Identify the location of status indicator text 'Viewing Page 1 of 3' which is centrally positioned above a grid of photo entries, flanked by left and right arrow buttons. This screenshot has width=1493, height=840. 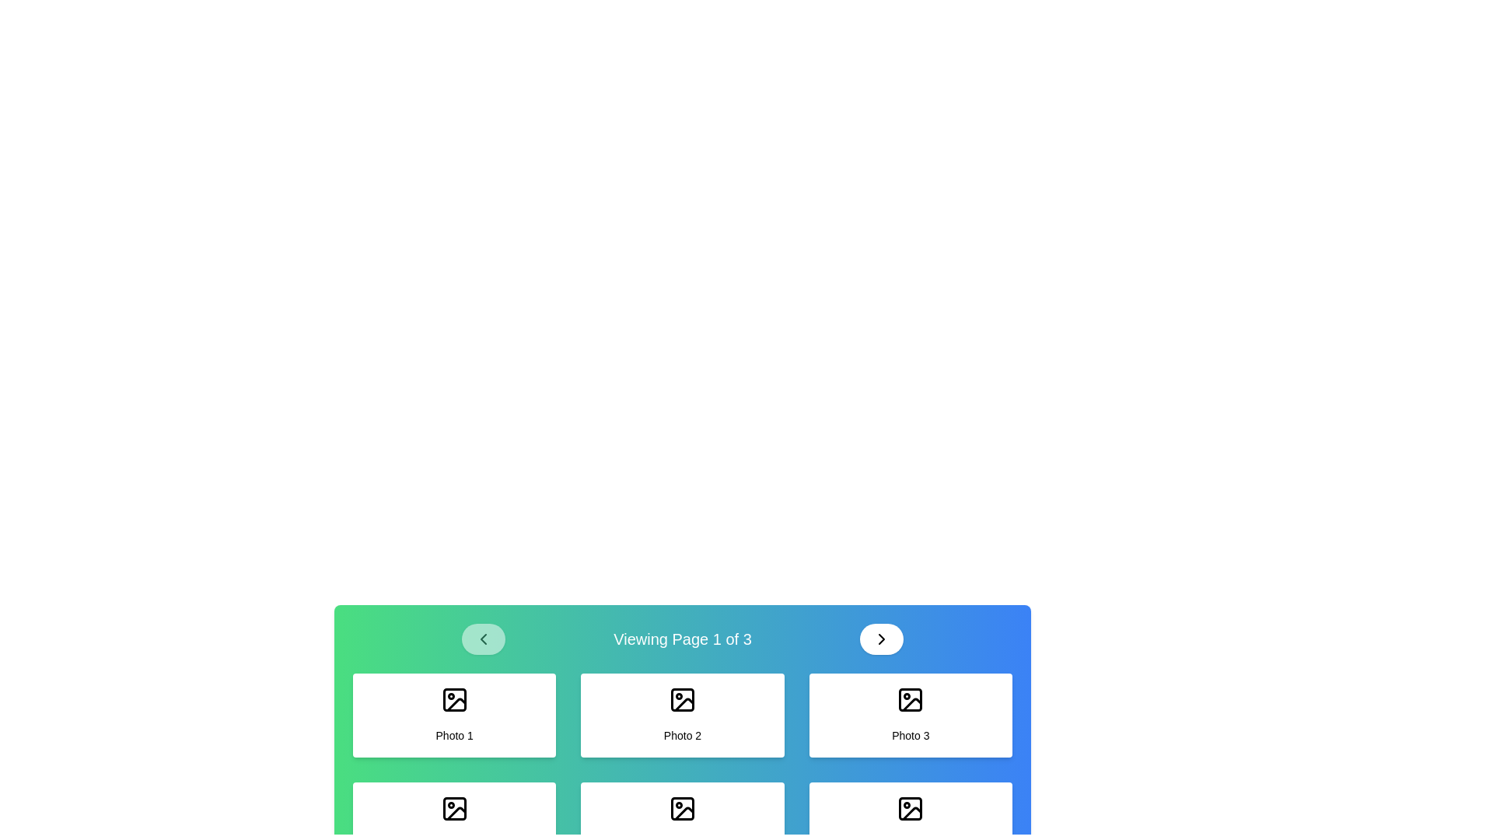
(683, 639).